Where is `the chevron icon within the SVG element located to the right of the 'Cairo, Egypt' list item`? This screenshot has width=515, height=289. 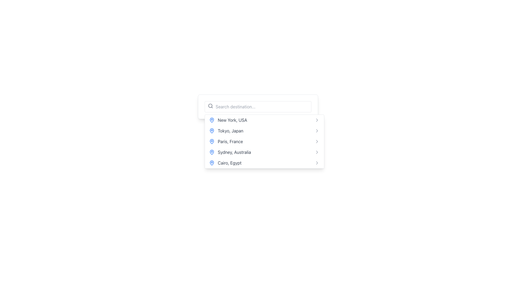 the chevron icon within the SVG element located to the right of the 'Cairo, Egypt' list item is located at coordinates (317, 163).